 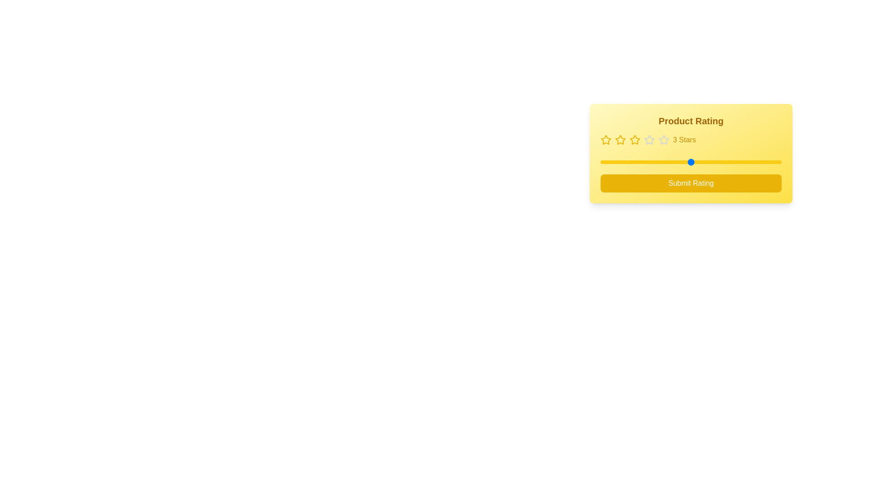 I want to click on the slider, so click(x=645, y=161).